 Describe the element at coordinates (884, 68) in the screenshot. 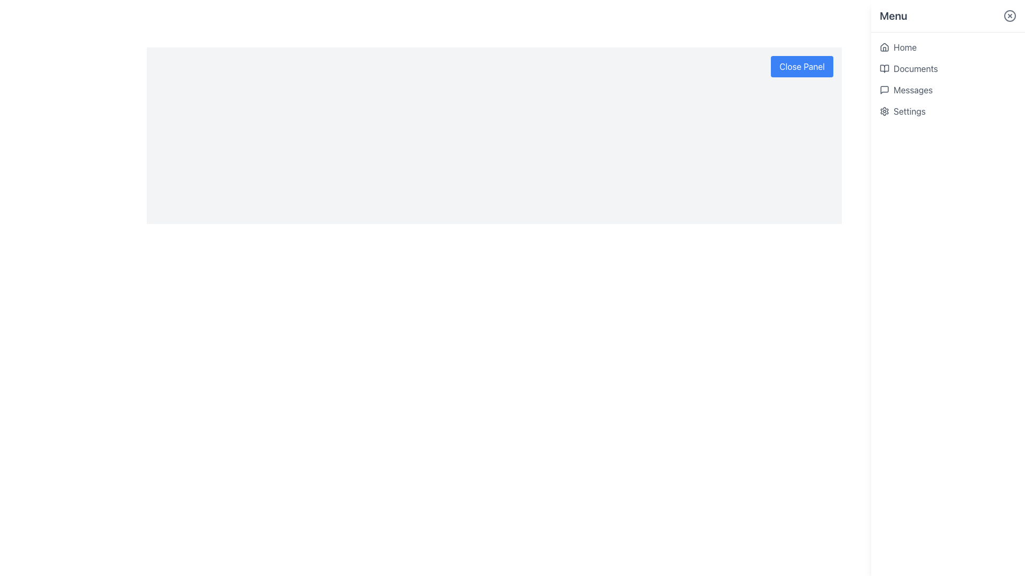

I see `the open book icon in the navigation menu, which represents the 'Documents' section and is located beside the 'Documents' text label` at that location.